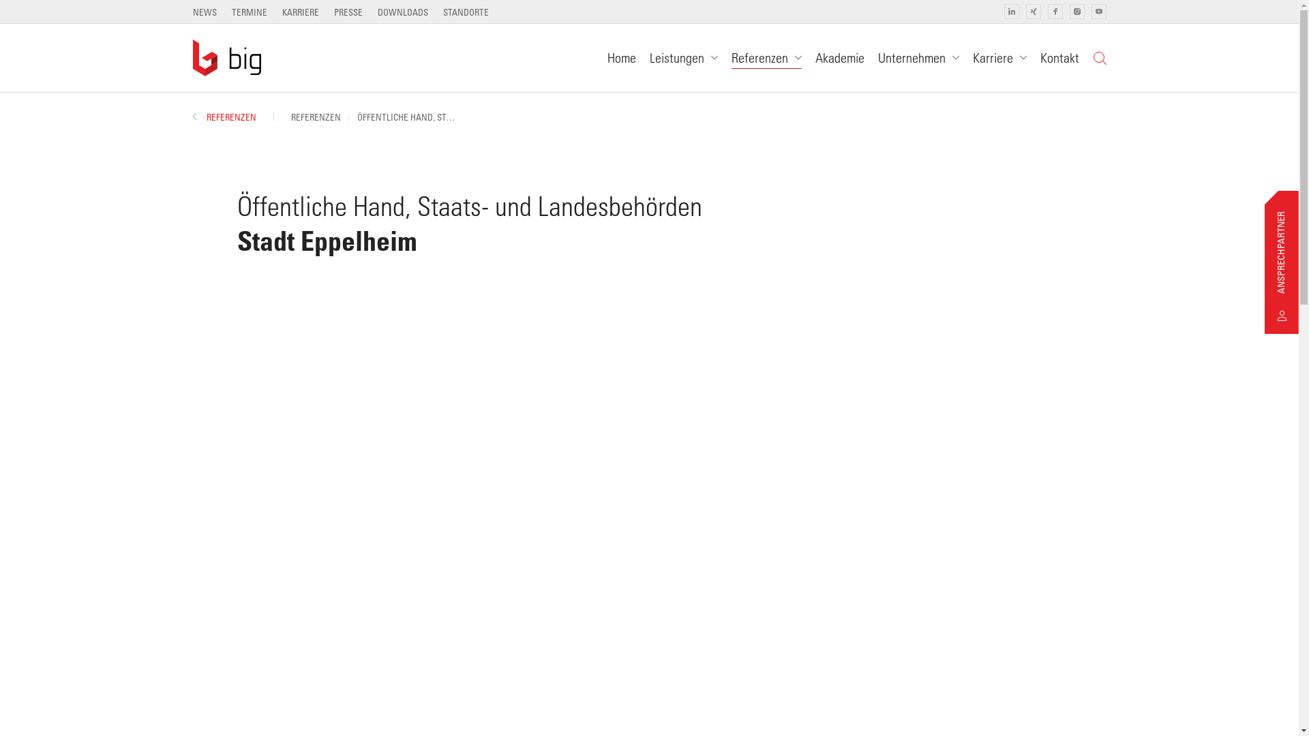 The width and height of the screenshot is (1309, 736). Describe the element at coordinates (224, 116) in the screenshot. I see `'REFERENZEN'` at that location.